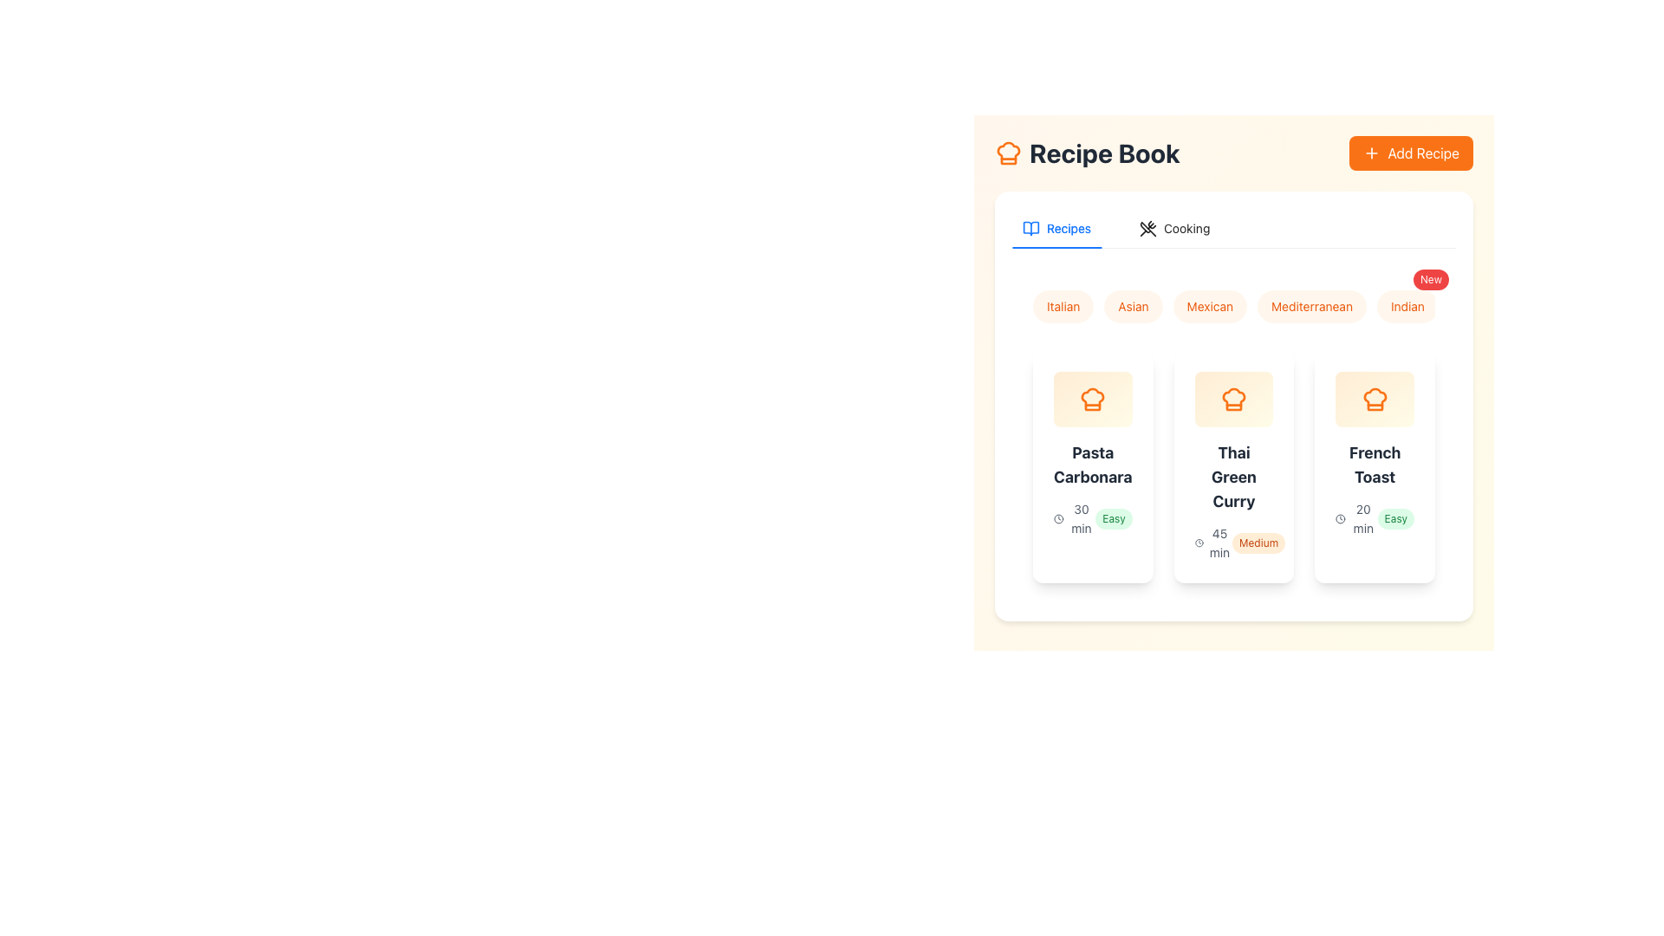 The height and width of the screenshot is (936, 1664). I want to click on the 'Cooking' tab in the tab navigation bar to switch to its content, so click(1174, 227).